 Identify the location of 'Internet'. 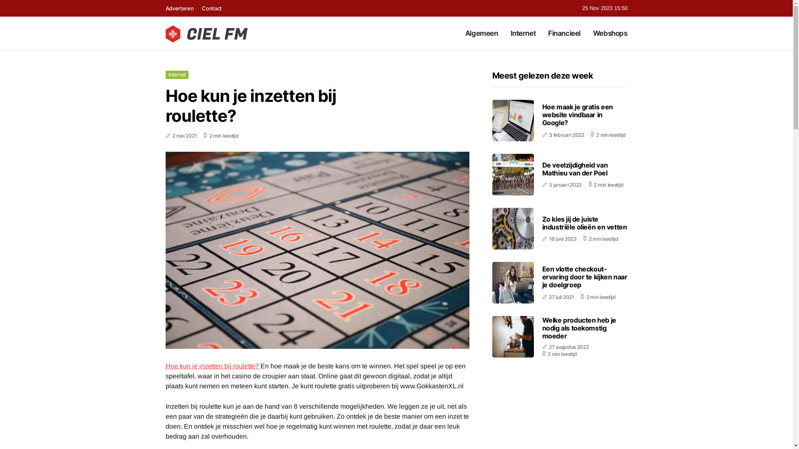
(510, 33).